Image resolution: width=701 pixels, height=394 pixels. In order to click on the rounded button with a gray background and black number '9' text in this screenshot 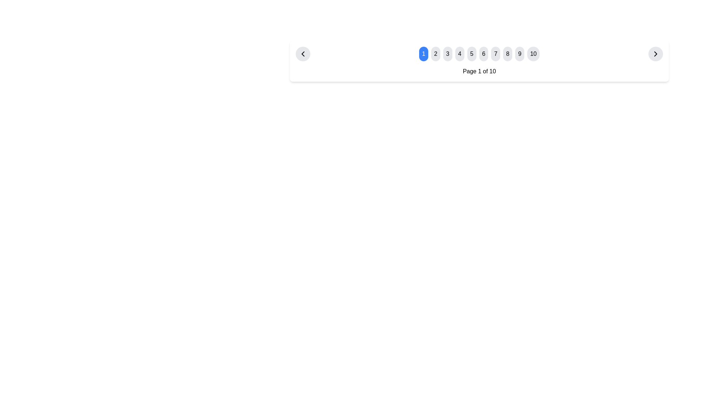, I will do `click(519, 53)`.